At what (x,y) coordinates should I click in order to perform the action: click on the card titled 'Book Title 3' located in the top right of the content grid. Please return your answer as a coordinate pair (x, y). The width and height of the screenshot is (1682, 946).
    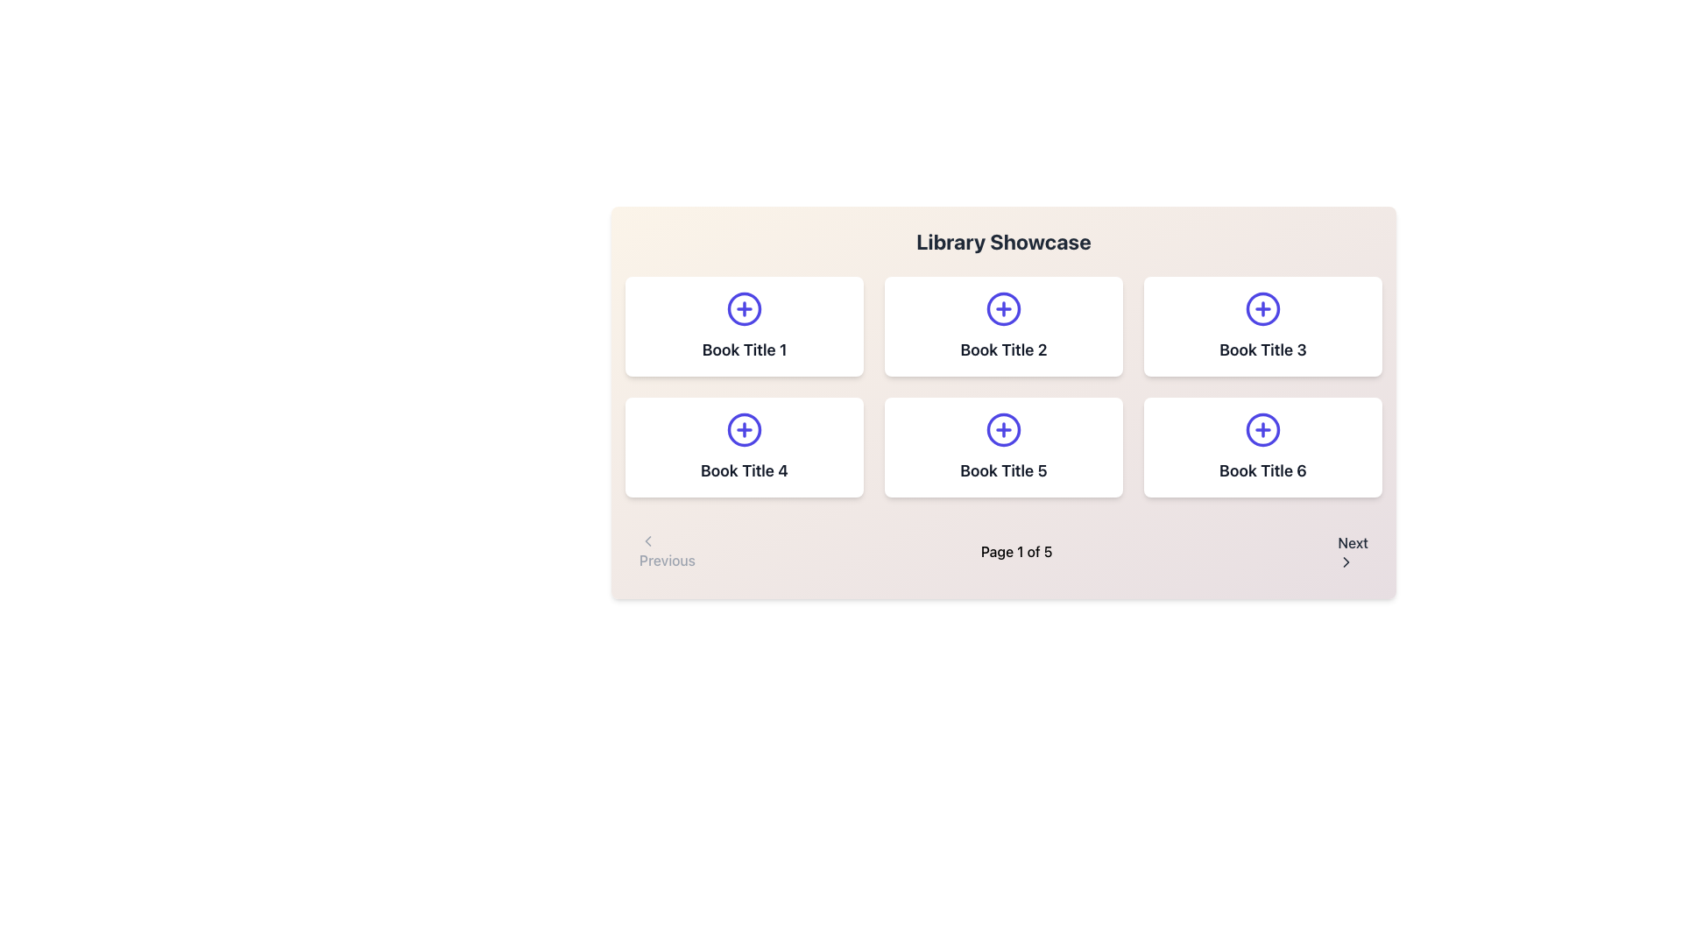
    Looking at the image, I should click on (1262, 327).